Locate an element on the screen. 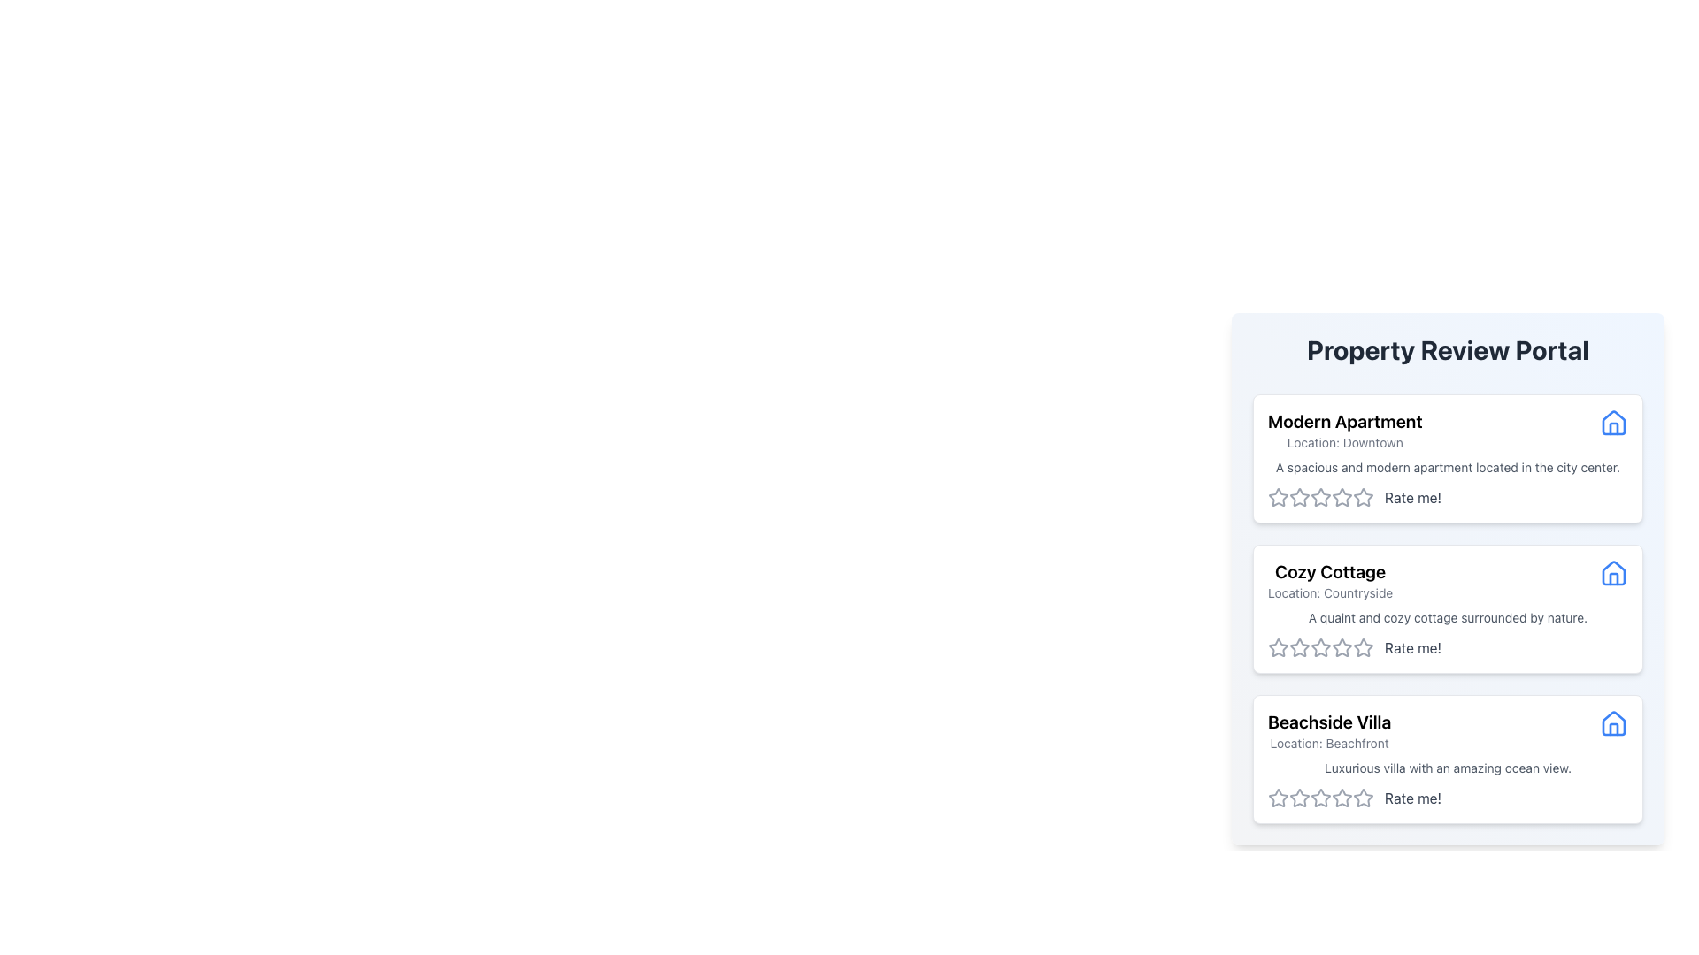 The width and height of the screenshot is (1699, 955). textual description for the 'Cozy Cottage' listing, located below the 'Location: Countryside' text and above the rating stars section is located at coordinates (1448, 616).